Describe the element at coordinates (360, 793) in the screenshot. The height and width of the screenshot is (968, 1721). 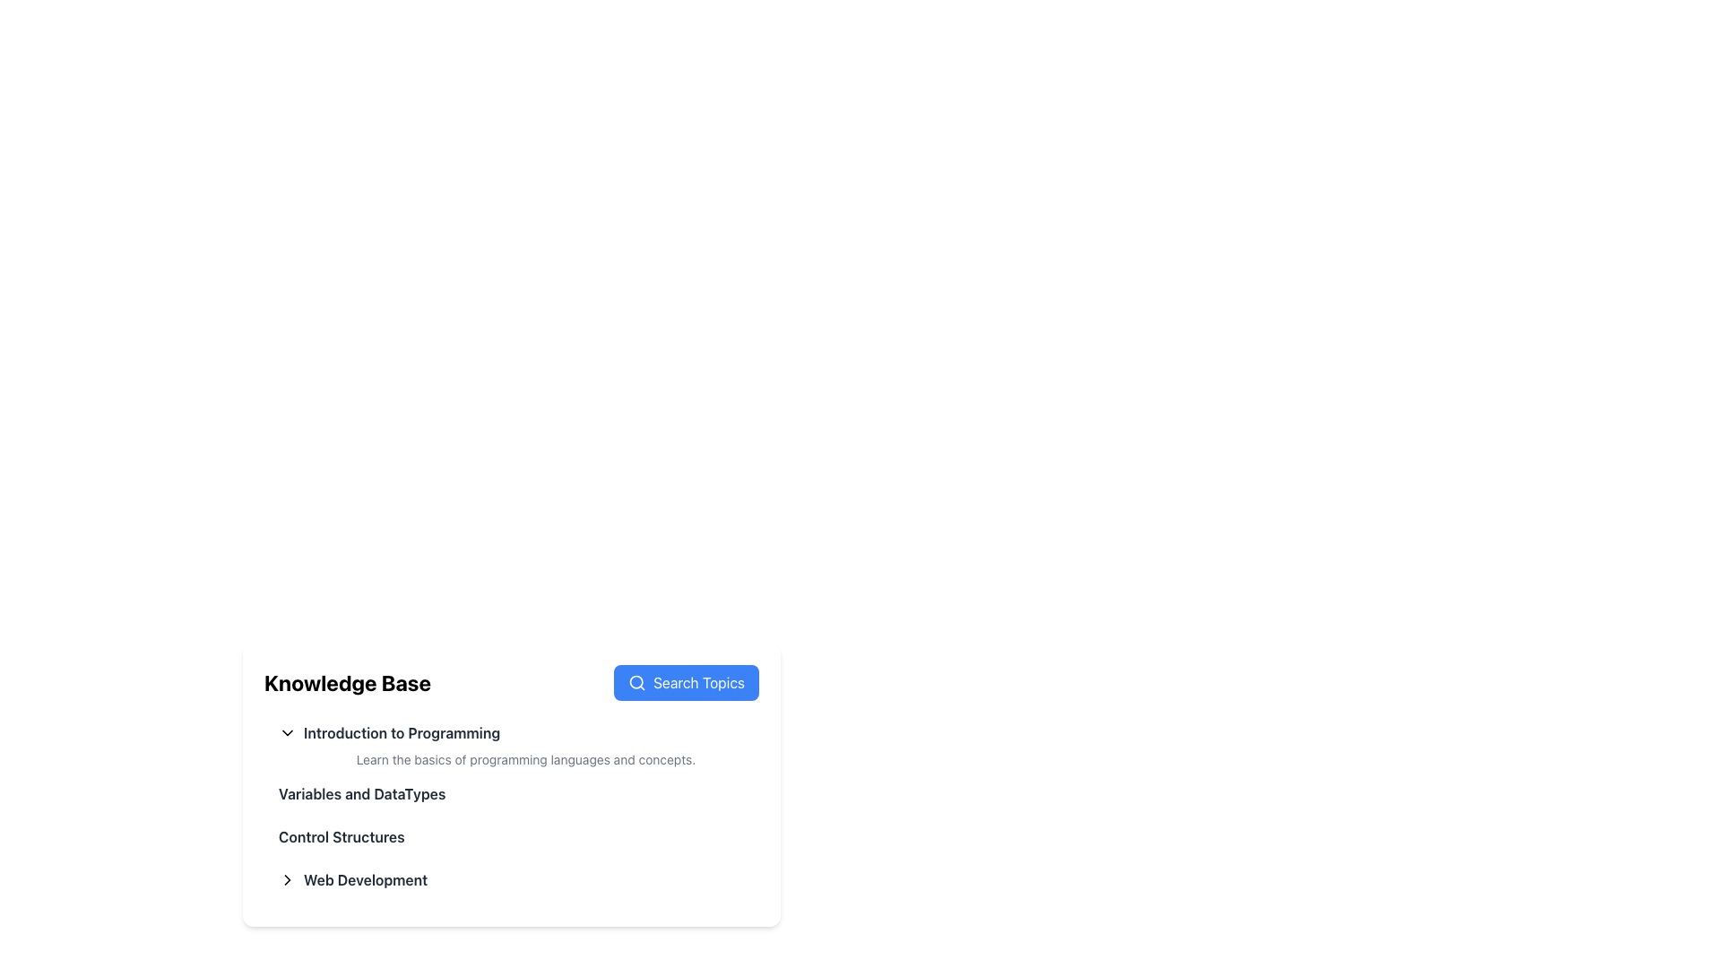
I see `the 'Variables and DataTypes' text label, which is the first sub-item under the 'Introduction to Programming' section of the 'Knowledge Base' menu` at that location.